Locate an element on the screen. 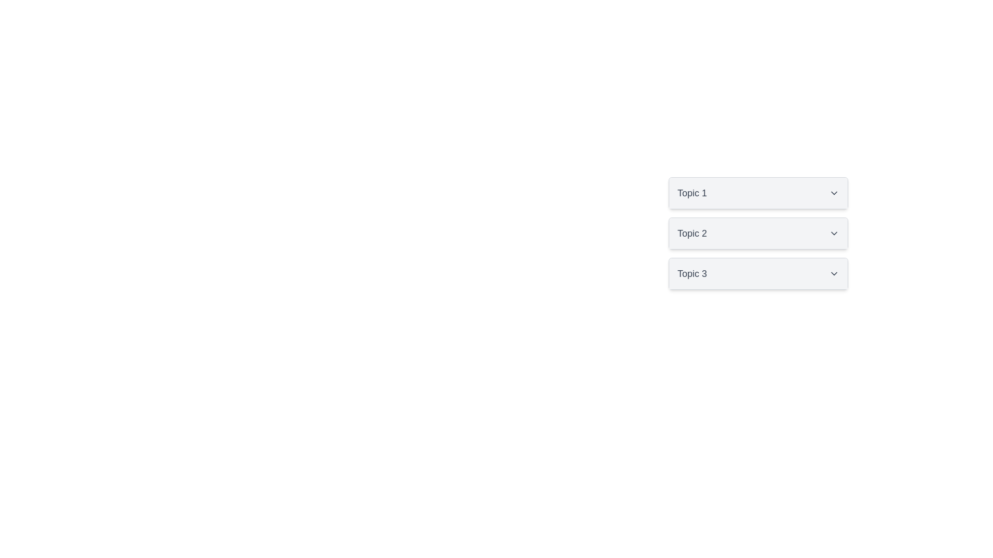 This screenshot has height=558, width=993. the 'Topic 2' button with a light gray background is located at coordinates (758, 233).